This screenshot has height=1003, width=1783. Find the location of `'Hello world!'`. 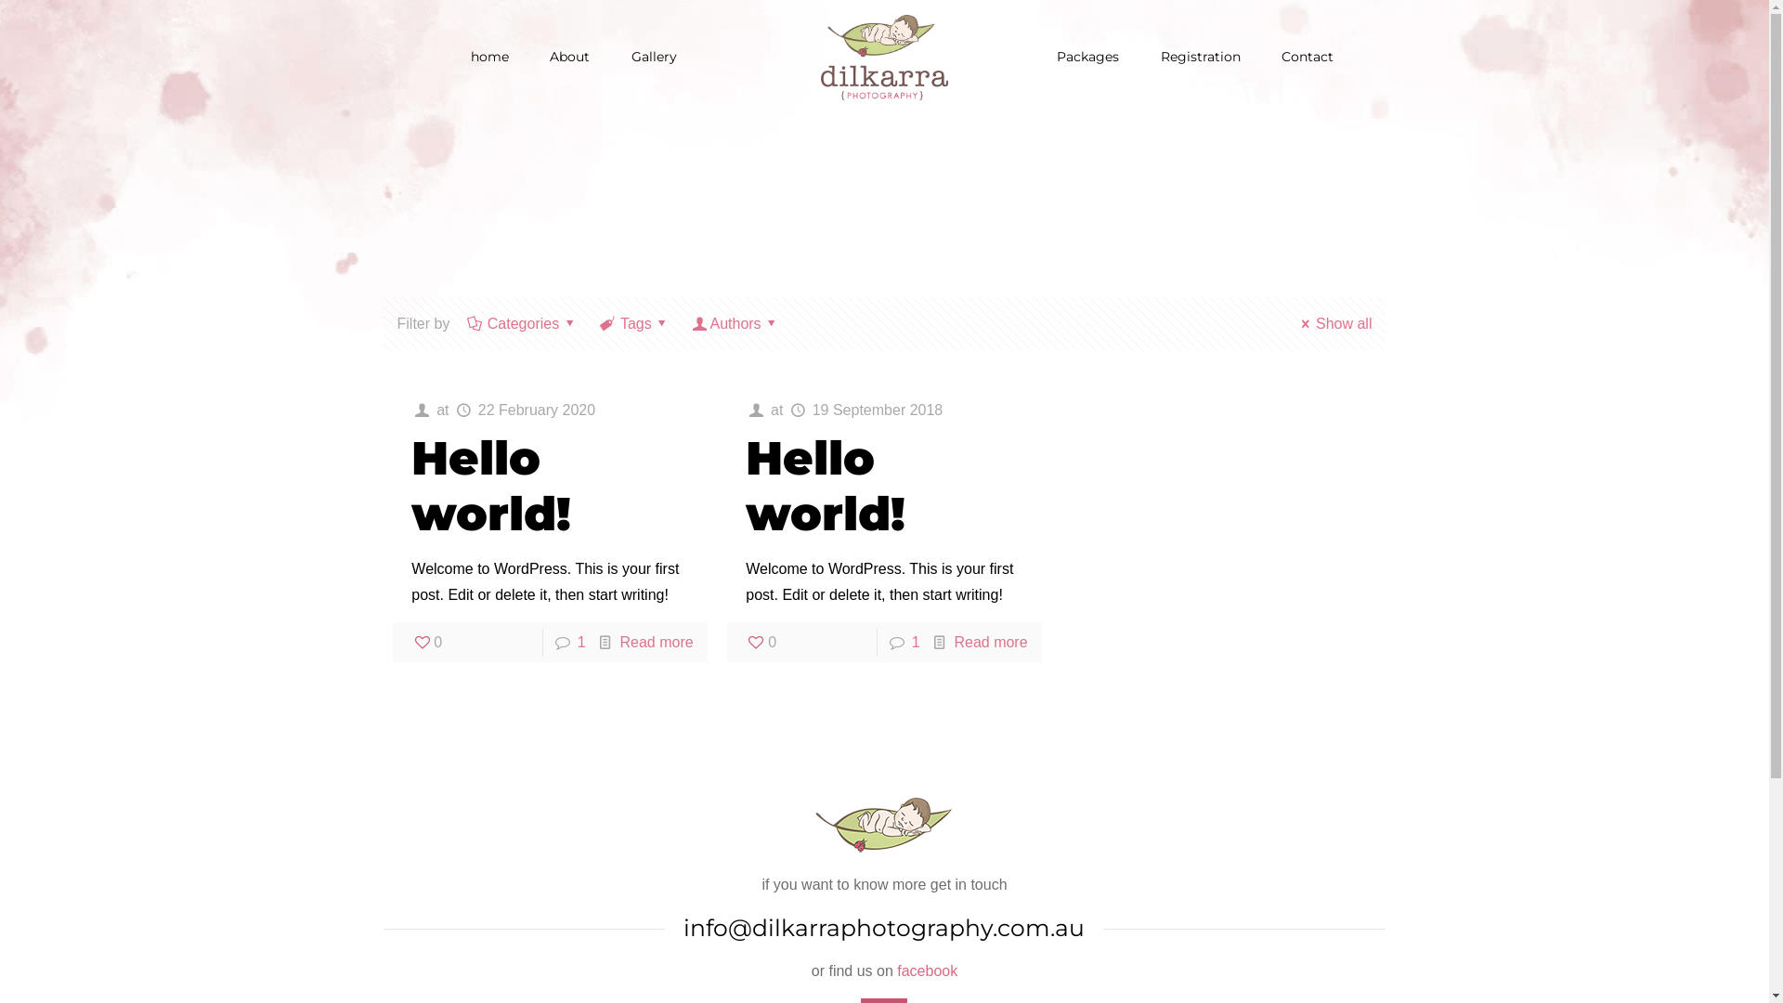

'Hello world!' is located at coordinates (490, 485).